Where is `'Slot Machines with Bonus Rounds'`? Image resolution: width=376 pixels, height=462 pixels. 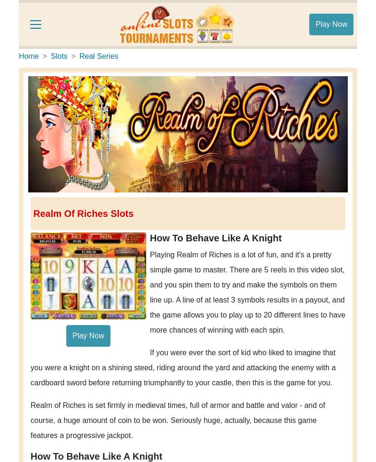
'Slot Machines with Bonus Rounds' is located at coordinates (99, 28).